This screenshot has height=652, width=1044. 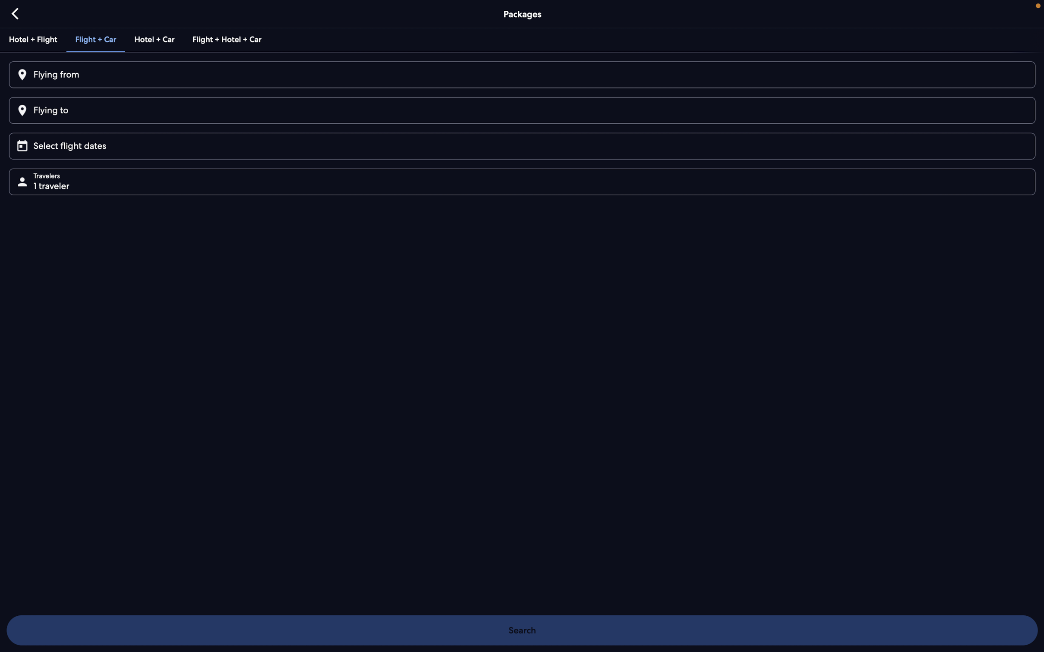 I want to click on Enter the destination as "London", so click(x=521, y=110).